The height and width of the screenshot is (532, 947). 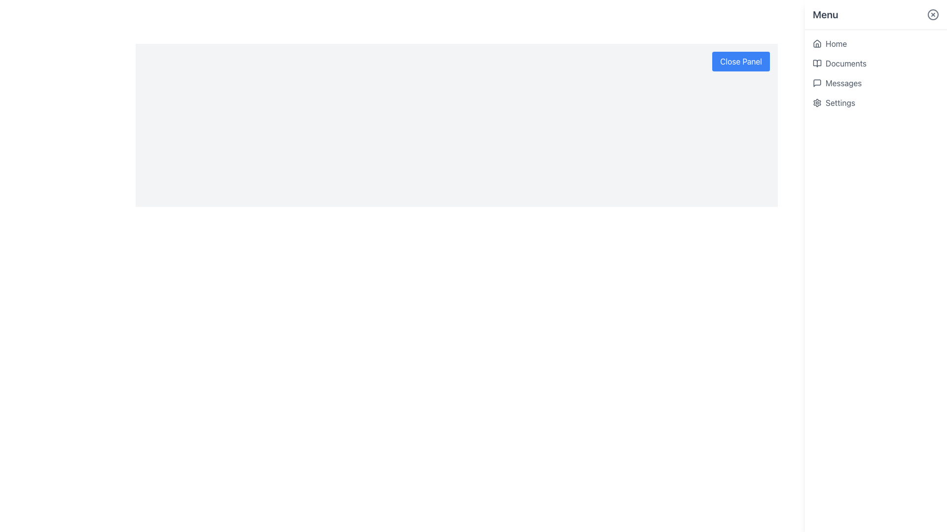 What do you see at coordinates (825, 15) in the screenshot?
I see `the static text label displaying 'Menu' in bold, large gray font located in the header area of the panel on the top-right side of the display` at bounding box center [825, 15].